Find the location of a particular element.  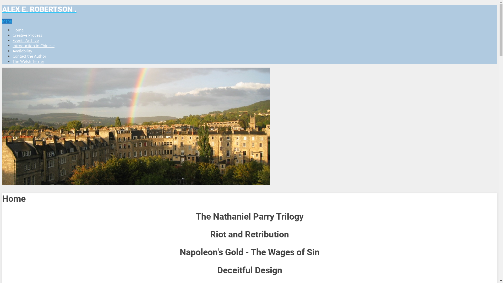

'The Welsh Terrier' is located at coordinates (28, 61).